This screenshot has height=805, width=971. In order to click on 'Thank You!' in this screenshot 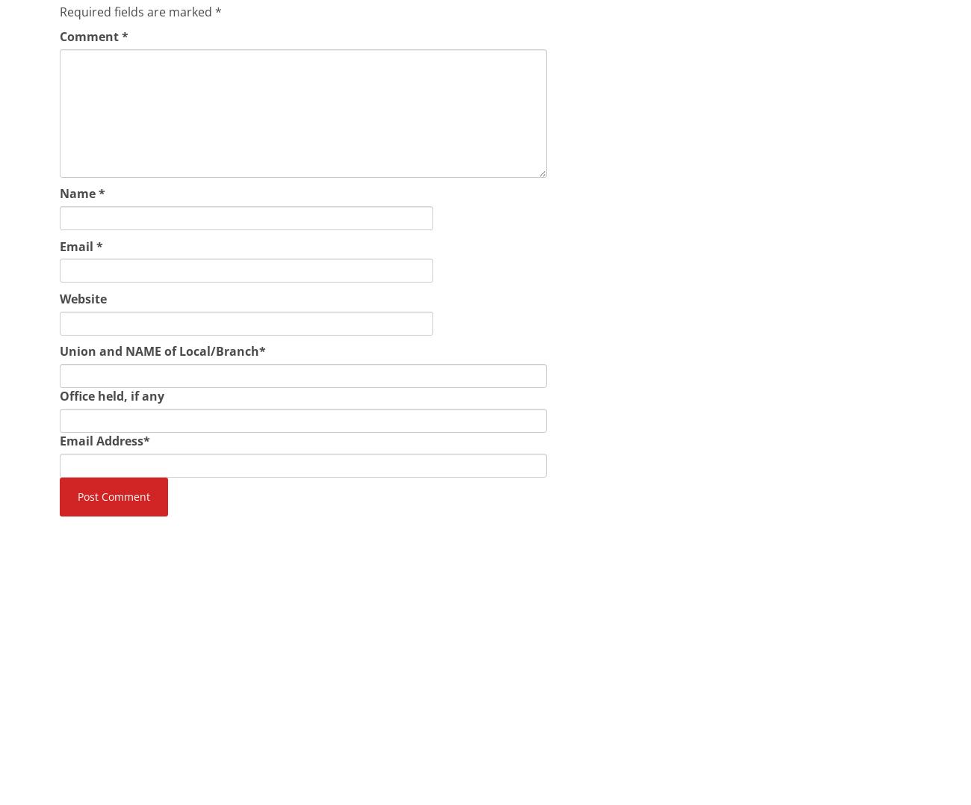, I will do `click(90, 691)`.